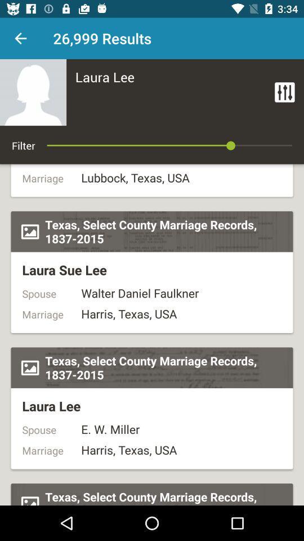  I want to click on icon next to the 26,999 results item, so click(20, 38).